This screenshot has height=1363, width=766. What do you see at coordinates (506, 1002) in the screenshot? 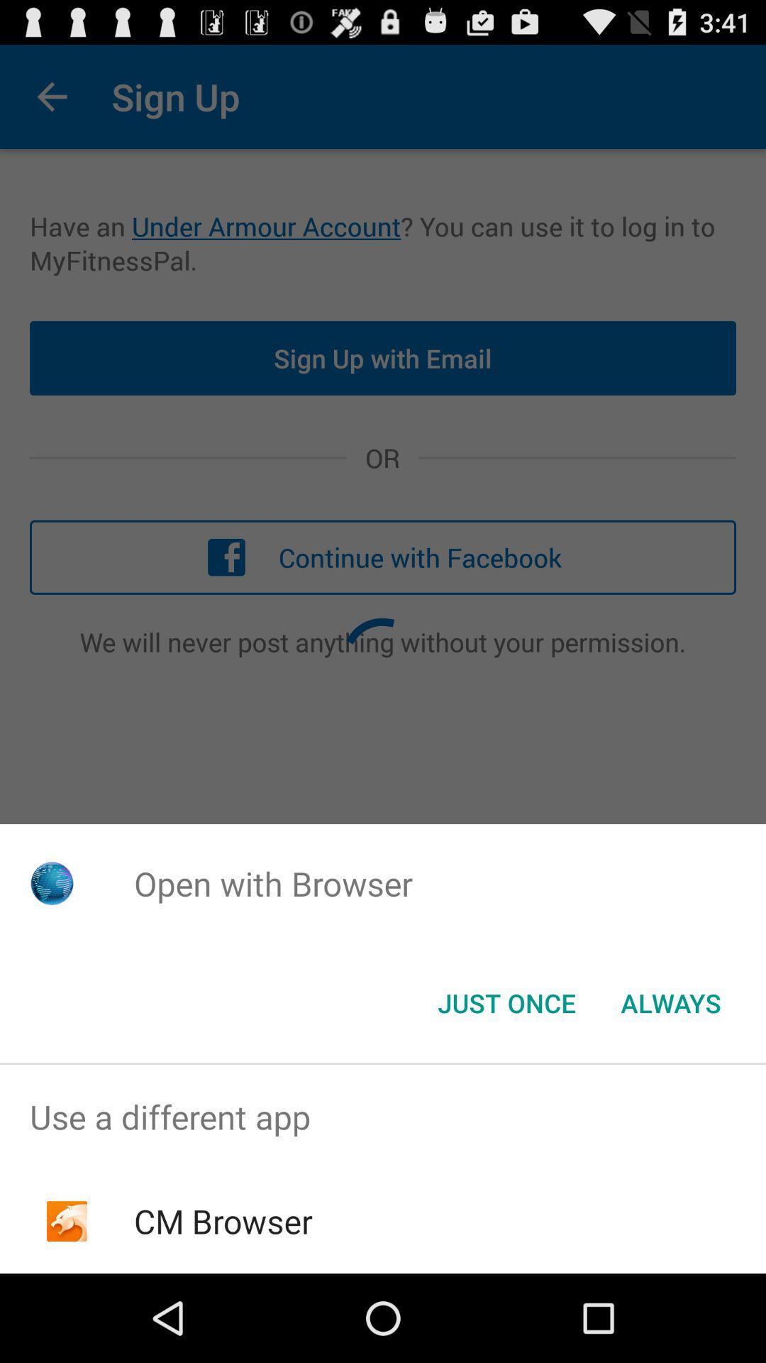
I see `the item to the left of the always button` at bounding box center [506, 1002].